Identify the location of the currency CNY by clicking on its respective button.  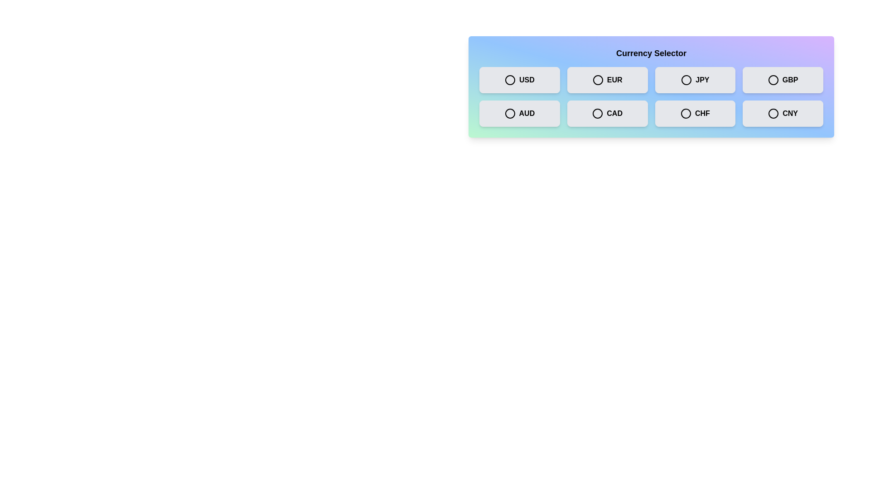
(783, 113).